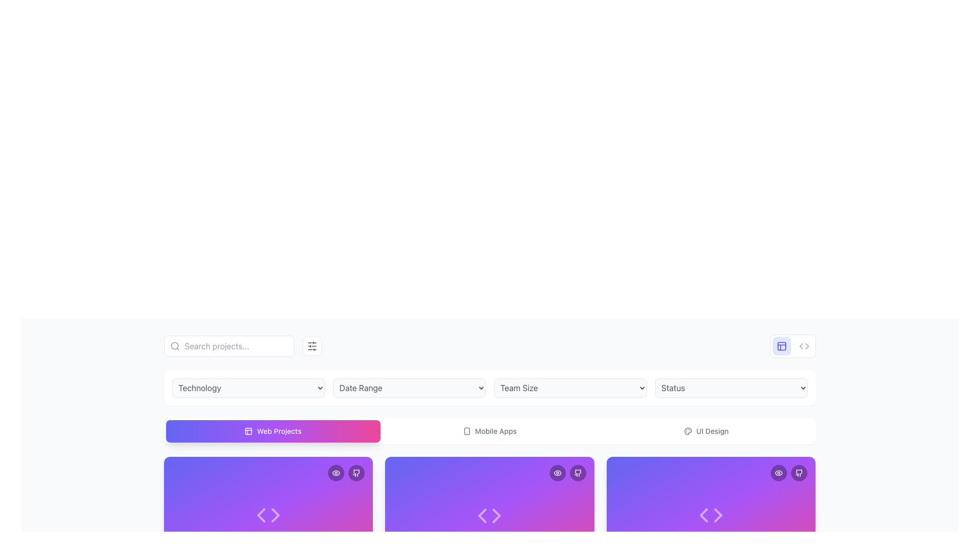 Image resolution: width=978 pixels, height=550 pixels. What do you see at coordinates (336, 473) in the screenshot?
I see `the outer border of the eye icon within the SVG image element, located at the top-right corner of the project information card` at bounding box center [336, 473].